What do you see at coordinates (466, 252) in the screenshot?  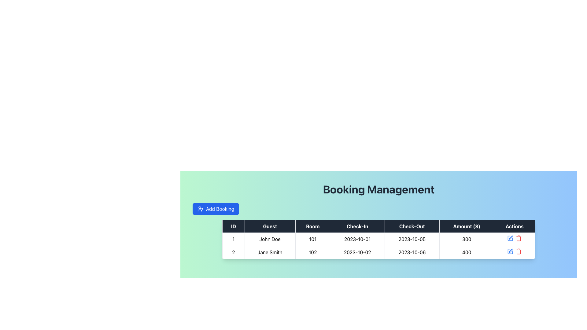 I see `the static table cell containing the numeric text '400' in bold, located in the second row under the 'Amount ($)' column` at bounding box center [466, 252].